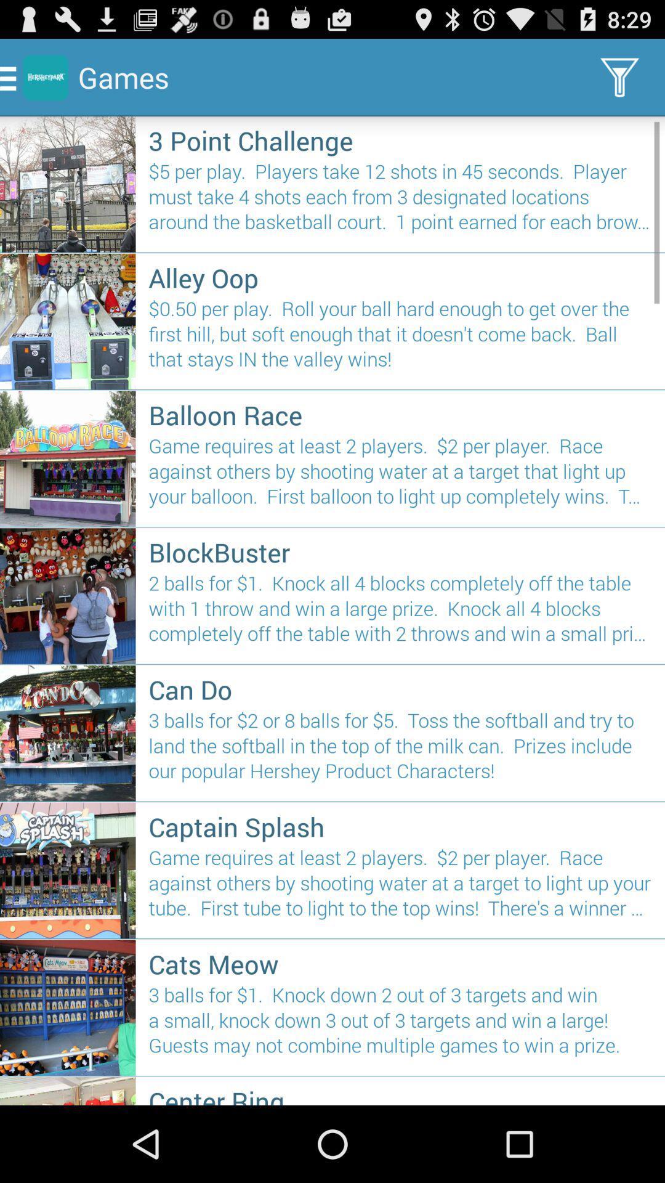 This screenshot has height=1183, width=665. Describe the element at coordinates (400, 277) in the screenshot. I see `the alley oop item` at that location.